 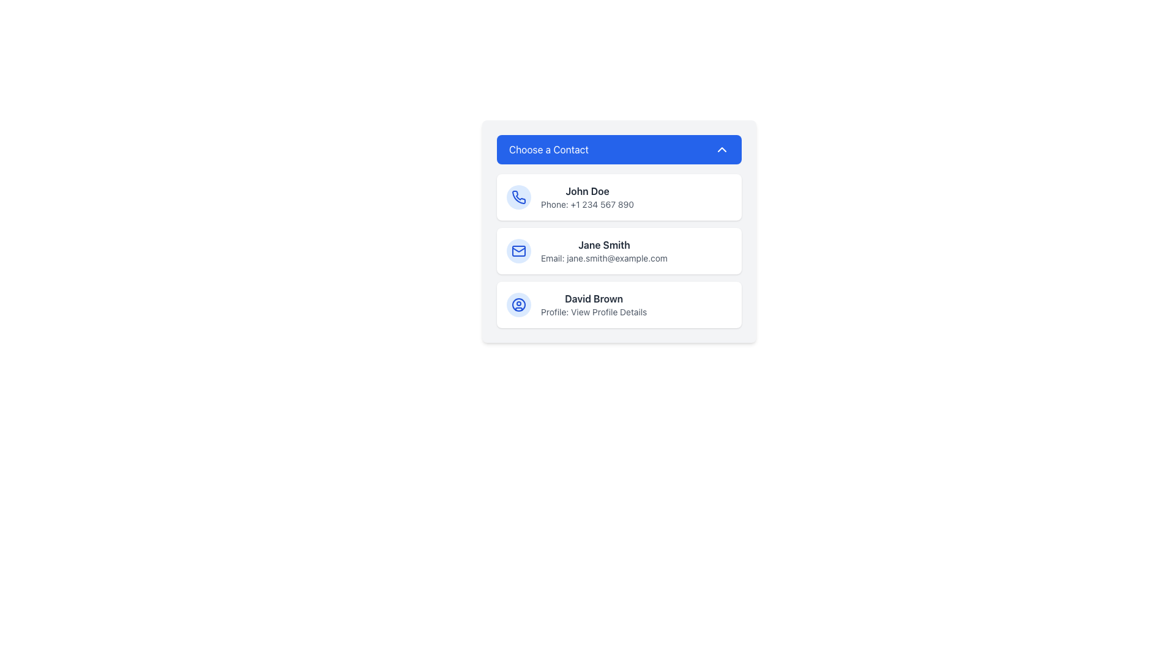 I want to click on the email address 'jane.smith@example.com' displayed in gray text, which is positioned below the name 'Jane Smith' in the second contact card, so click(x=604, y=258).